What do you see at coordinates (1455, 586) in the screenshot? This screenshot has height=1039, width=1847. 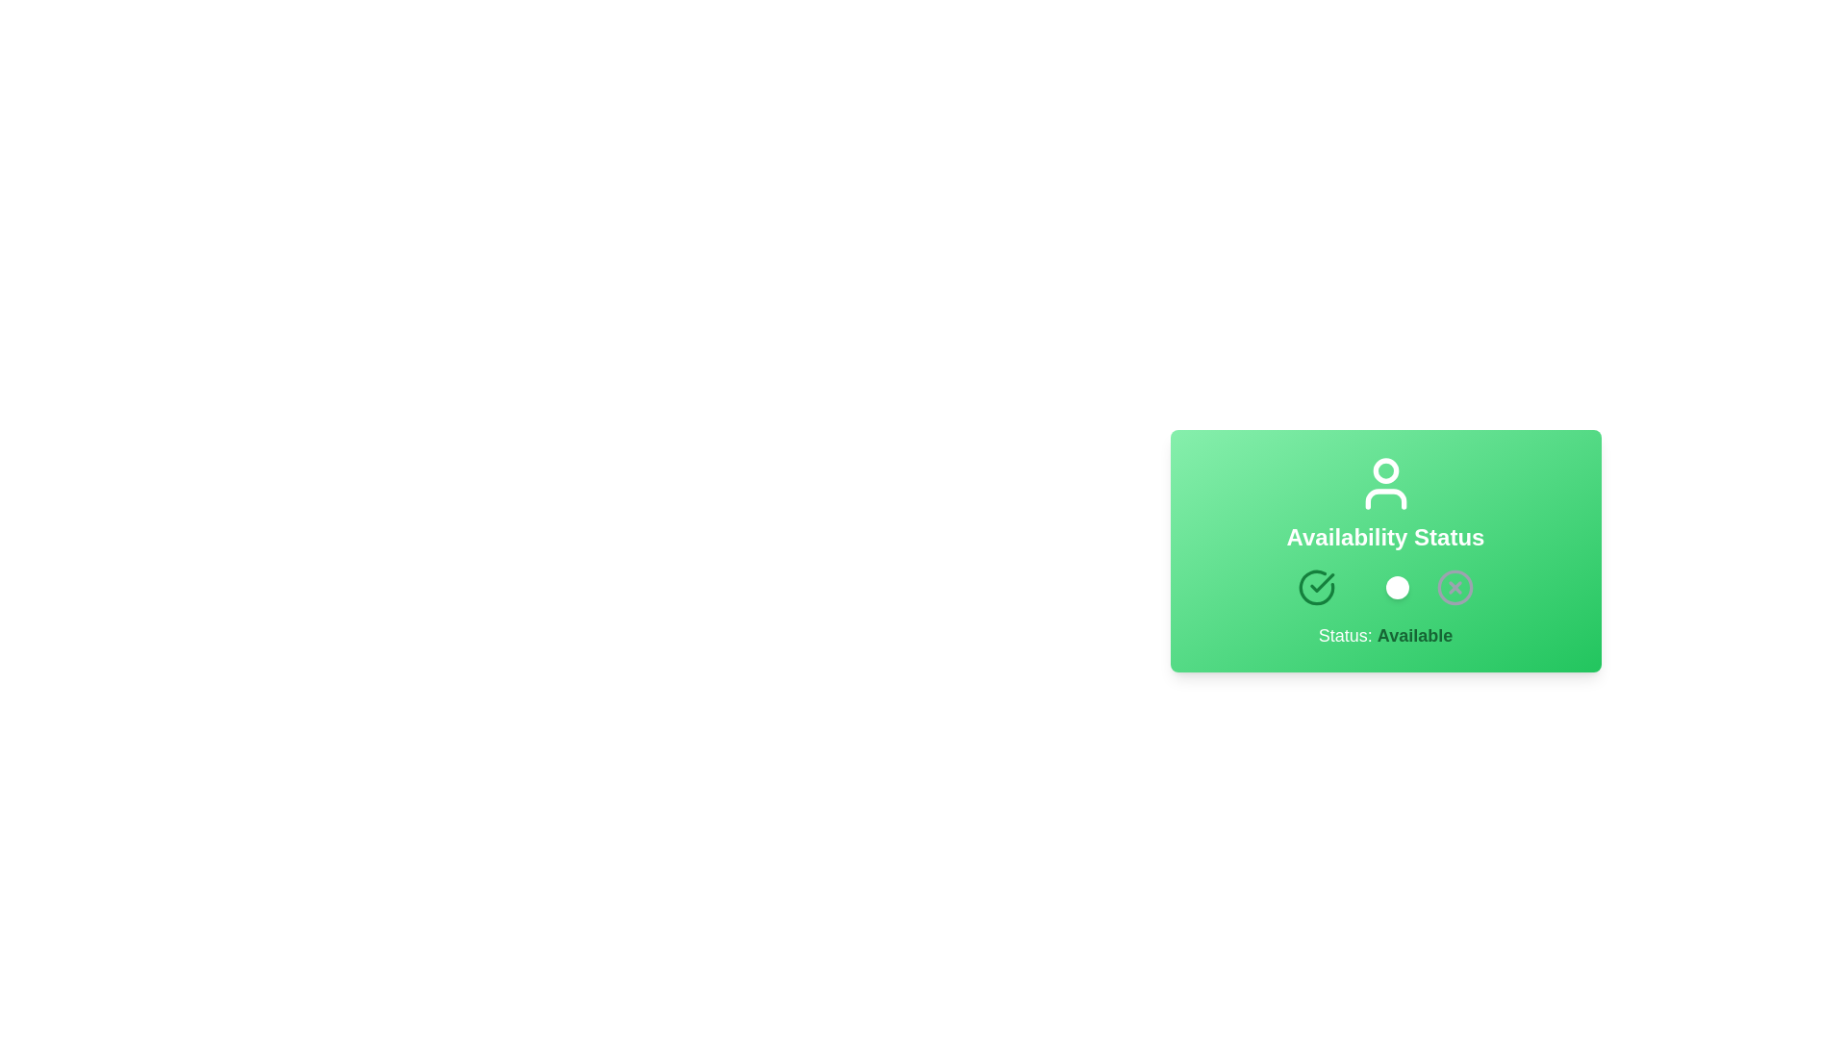 I see `the circular button with a gray border and red 'X' symbol located in the lower-right corner of the green card labeled 'Availability Status'` at bounding box center [1455, 586].